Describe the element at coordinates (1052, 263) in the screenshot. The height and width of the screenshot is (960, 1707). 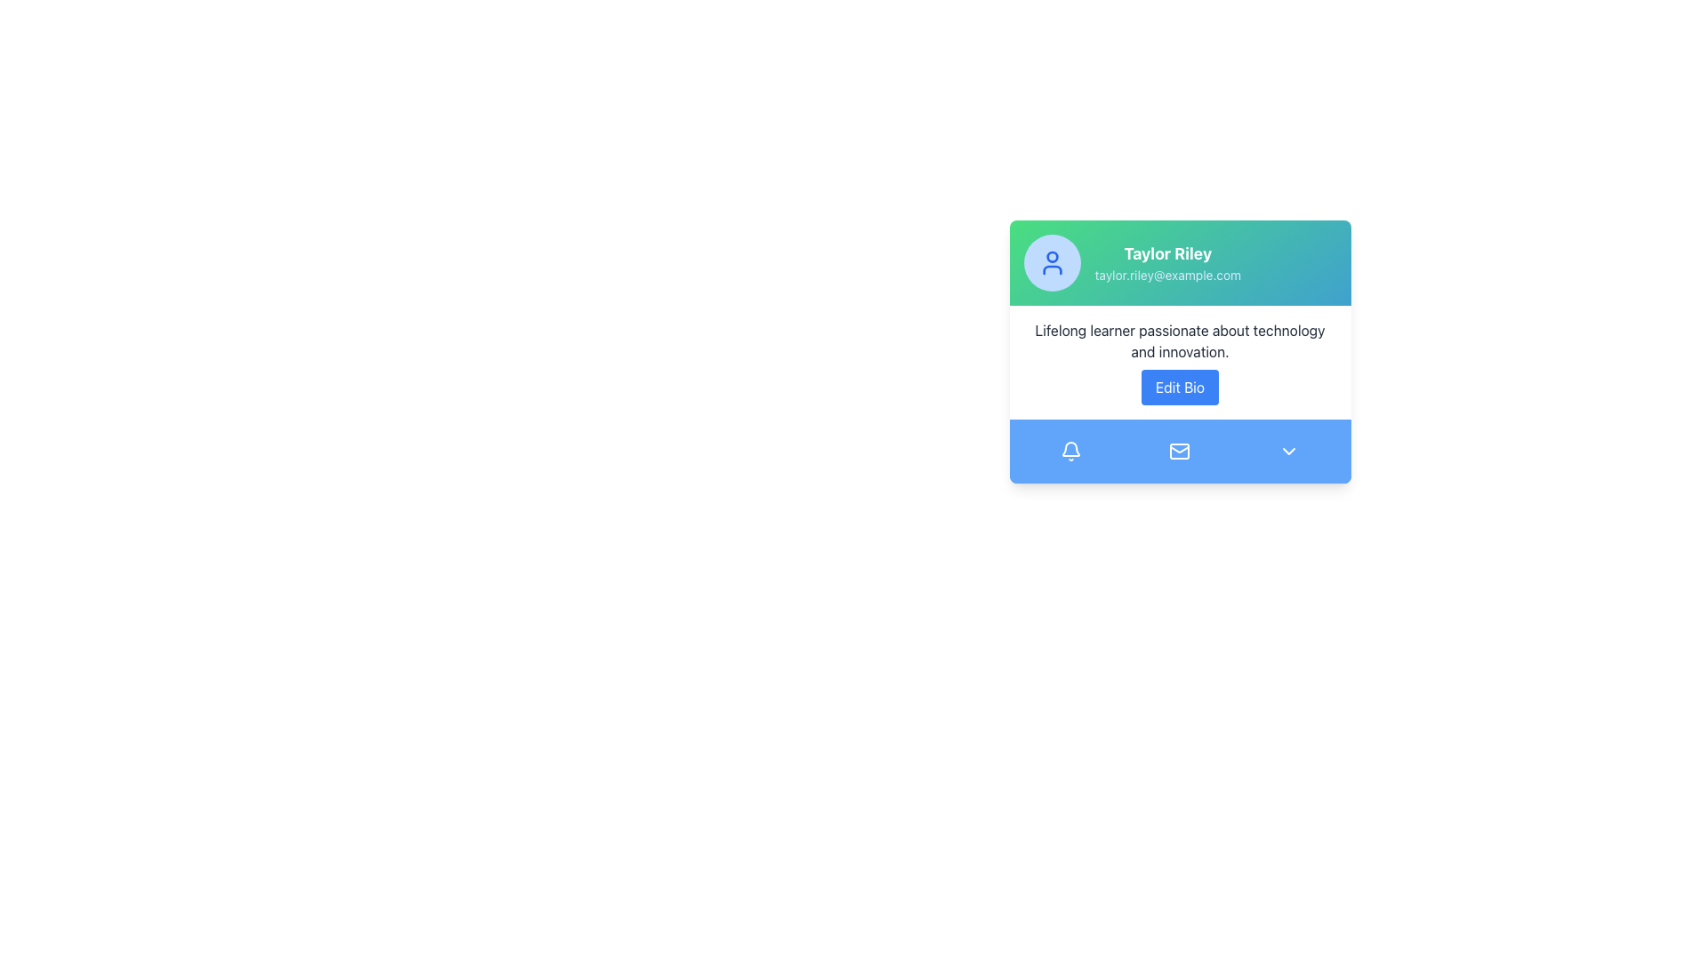
I see `the user icon located at the top-left corner of the profile card, which is enclosed within a circular button` at that location.